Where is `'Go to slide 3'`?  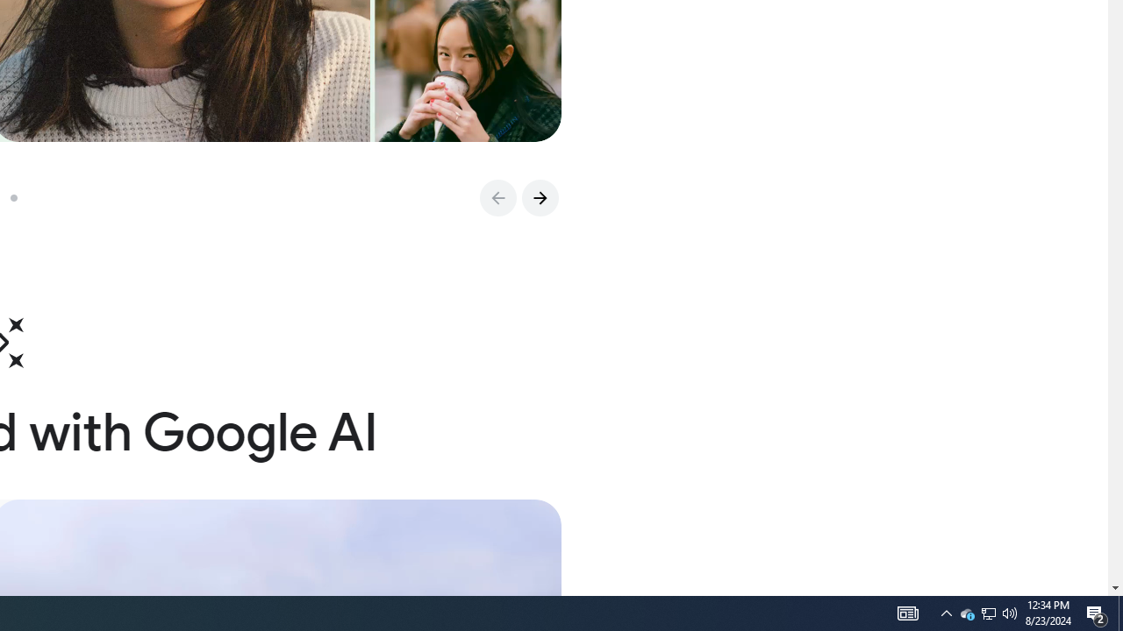 'Go to slide 3' is located at coordinates (20, 197).